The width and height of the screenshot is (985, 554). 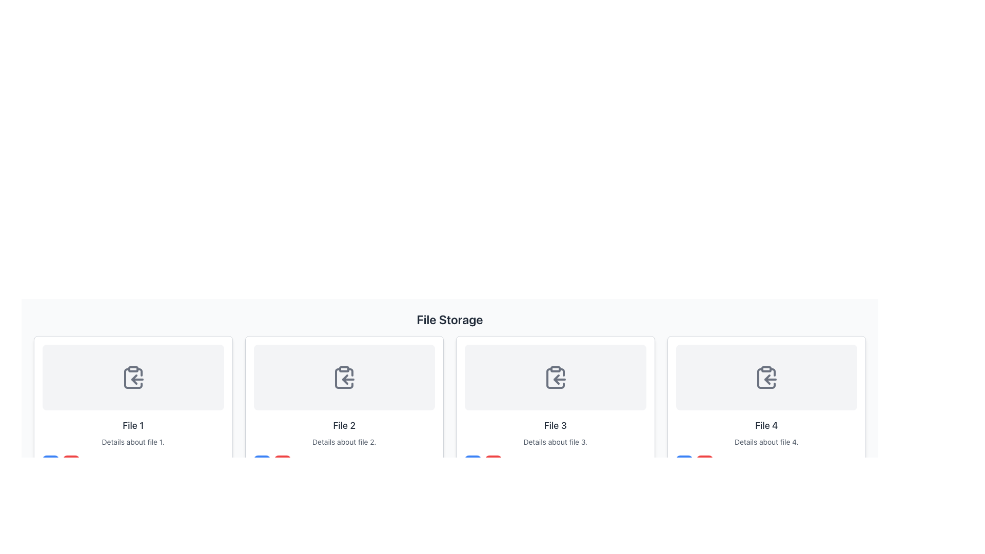 What do you see at coordinates (493, 463) in the screenshot?
I see `the delete button for 'File 3' to trigger the hover effect` at bounding box center [493, 463].